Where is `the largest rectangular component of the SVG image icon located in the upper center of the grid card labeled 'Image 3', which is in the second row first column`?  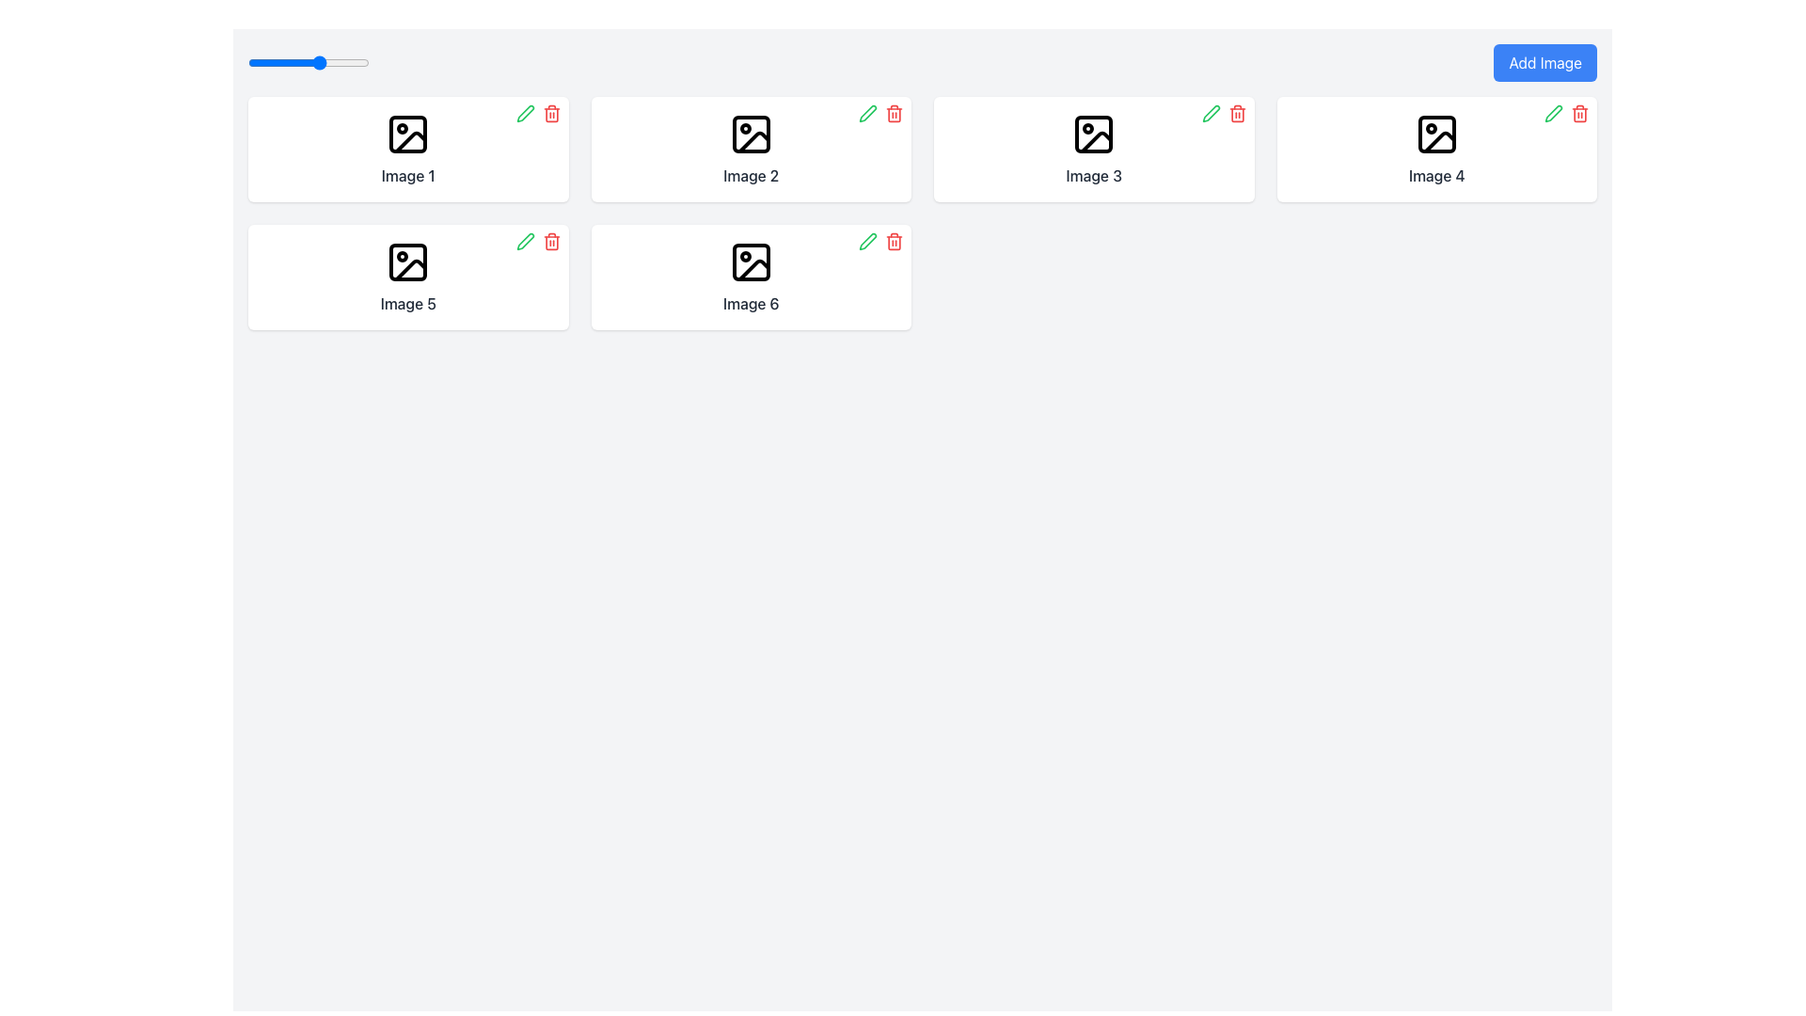 the largest rectangular component of the SVG image icon located in the upper center of the grid card labeled 'Image 3', which is in the second row first column is located at coordinates (1094, 133).